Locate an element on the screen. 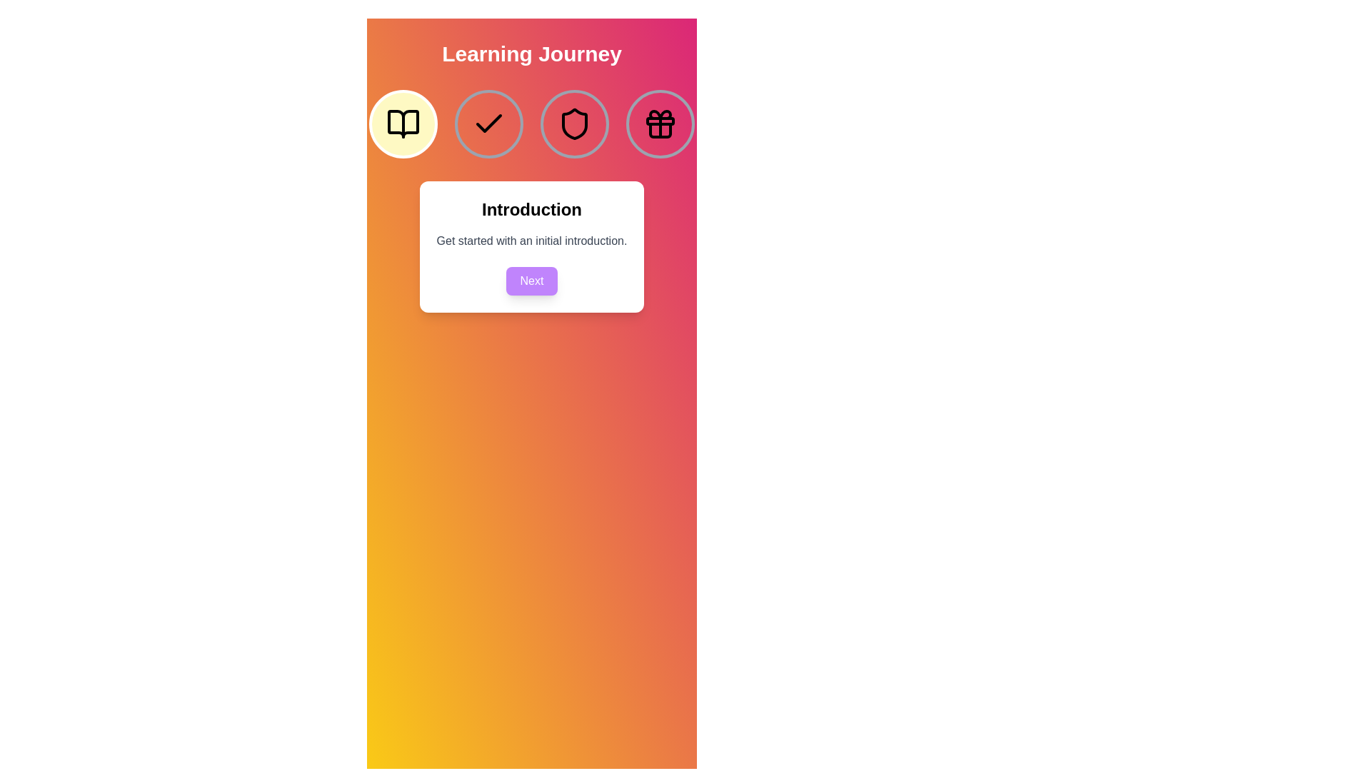 The width and height of the screenshot is (1371, 771). the step icon corresponding to Learning is located at coordinates (489, 123).